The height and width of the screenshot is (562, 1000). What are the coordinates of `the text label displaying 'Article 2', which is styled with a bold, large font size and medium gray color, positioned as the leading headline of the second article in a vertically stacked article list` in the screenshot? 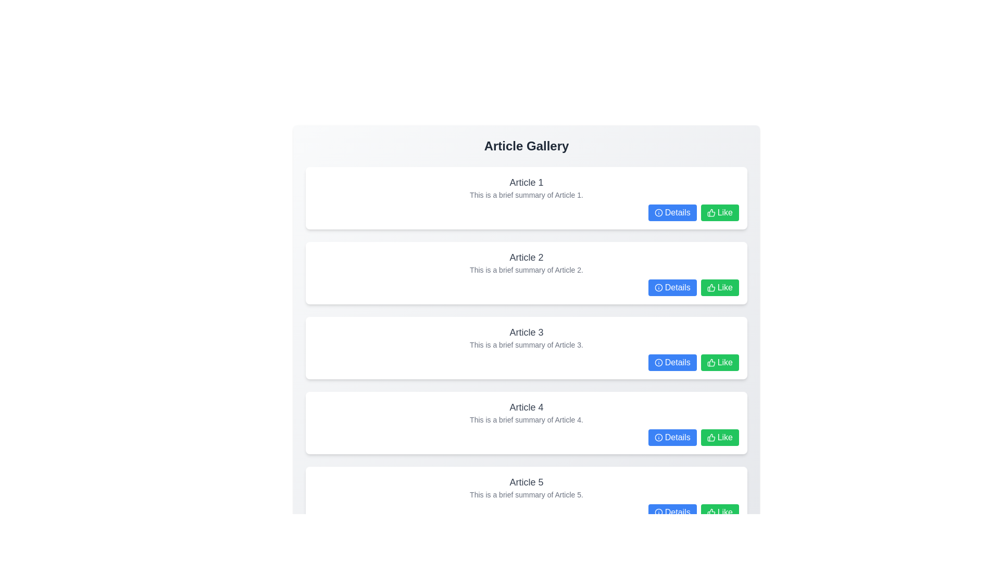 It's located at (527, 257).